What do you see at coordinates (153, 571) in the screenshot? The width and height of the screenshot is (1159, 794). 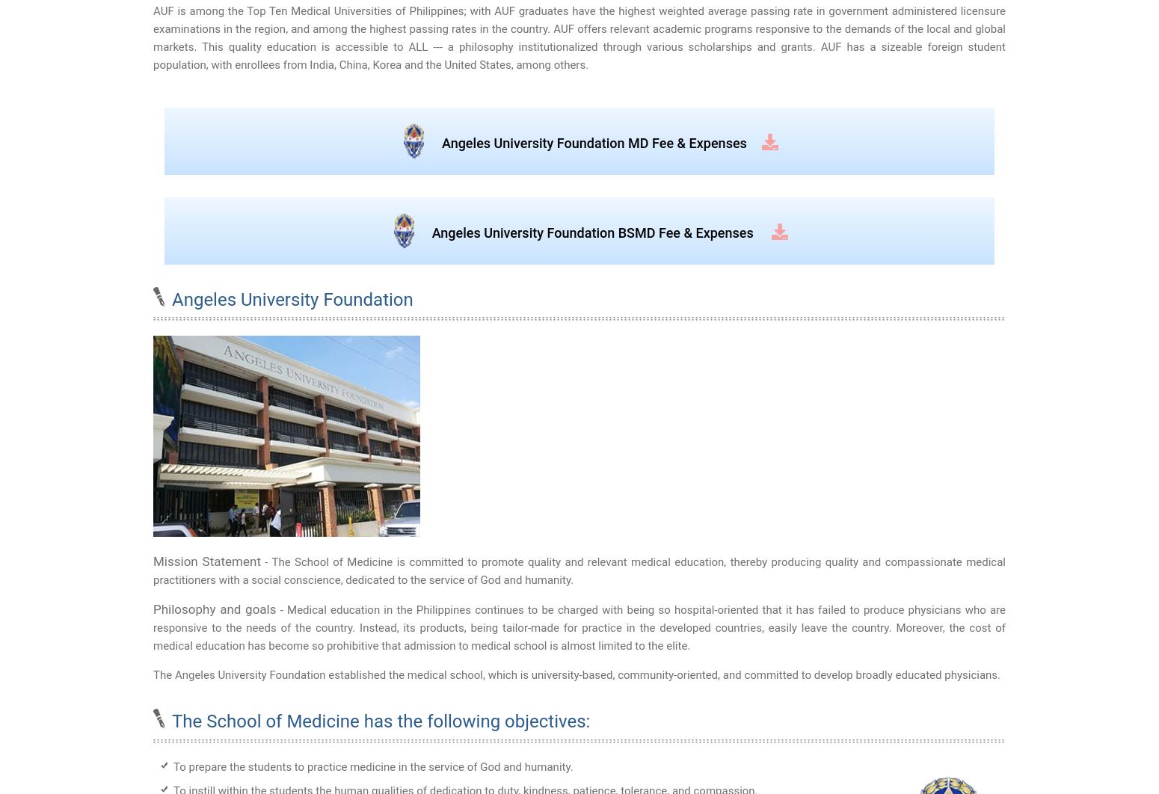 I see `'- The School of Medicine is committed to promote quality and relevant medical education, thereby producing quality and compassionate medical practitioners with a social conscience, dedicated to the service of God and humanity.'` at bounding box center [153, 571].